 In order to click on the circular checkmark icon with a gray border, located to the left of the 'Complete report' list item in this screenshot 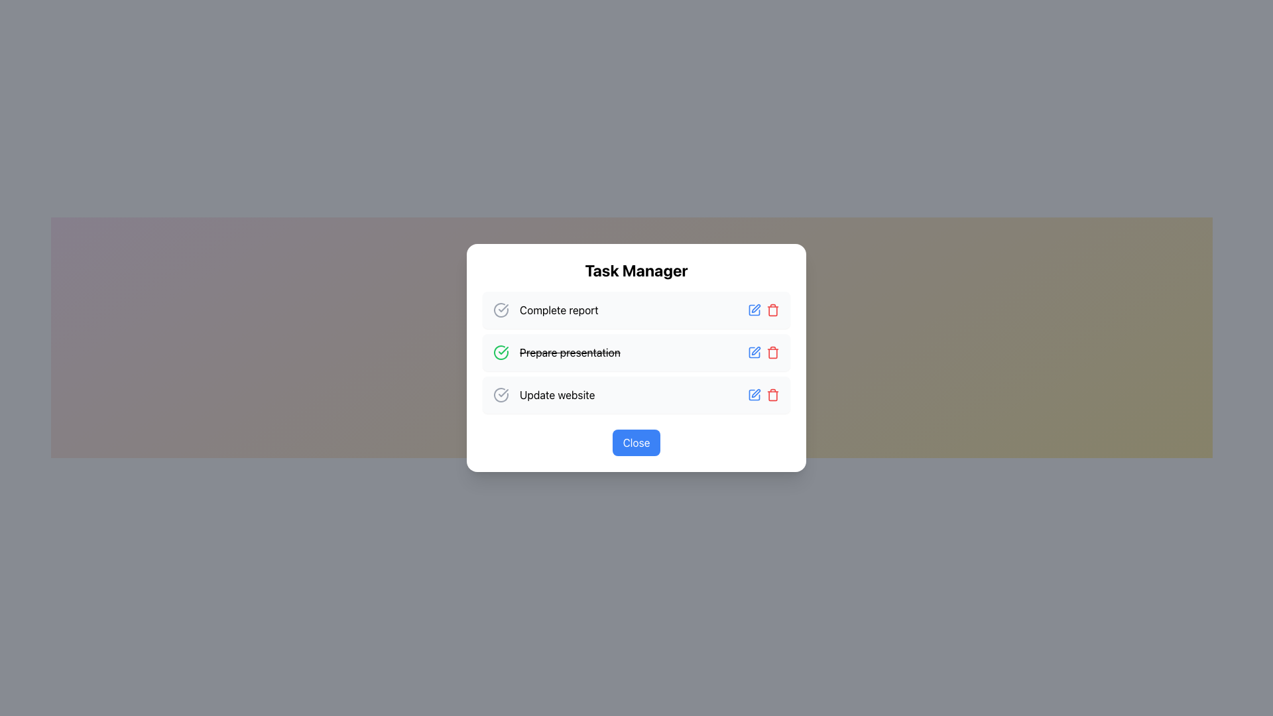, I will do `click(500, 310)`.